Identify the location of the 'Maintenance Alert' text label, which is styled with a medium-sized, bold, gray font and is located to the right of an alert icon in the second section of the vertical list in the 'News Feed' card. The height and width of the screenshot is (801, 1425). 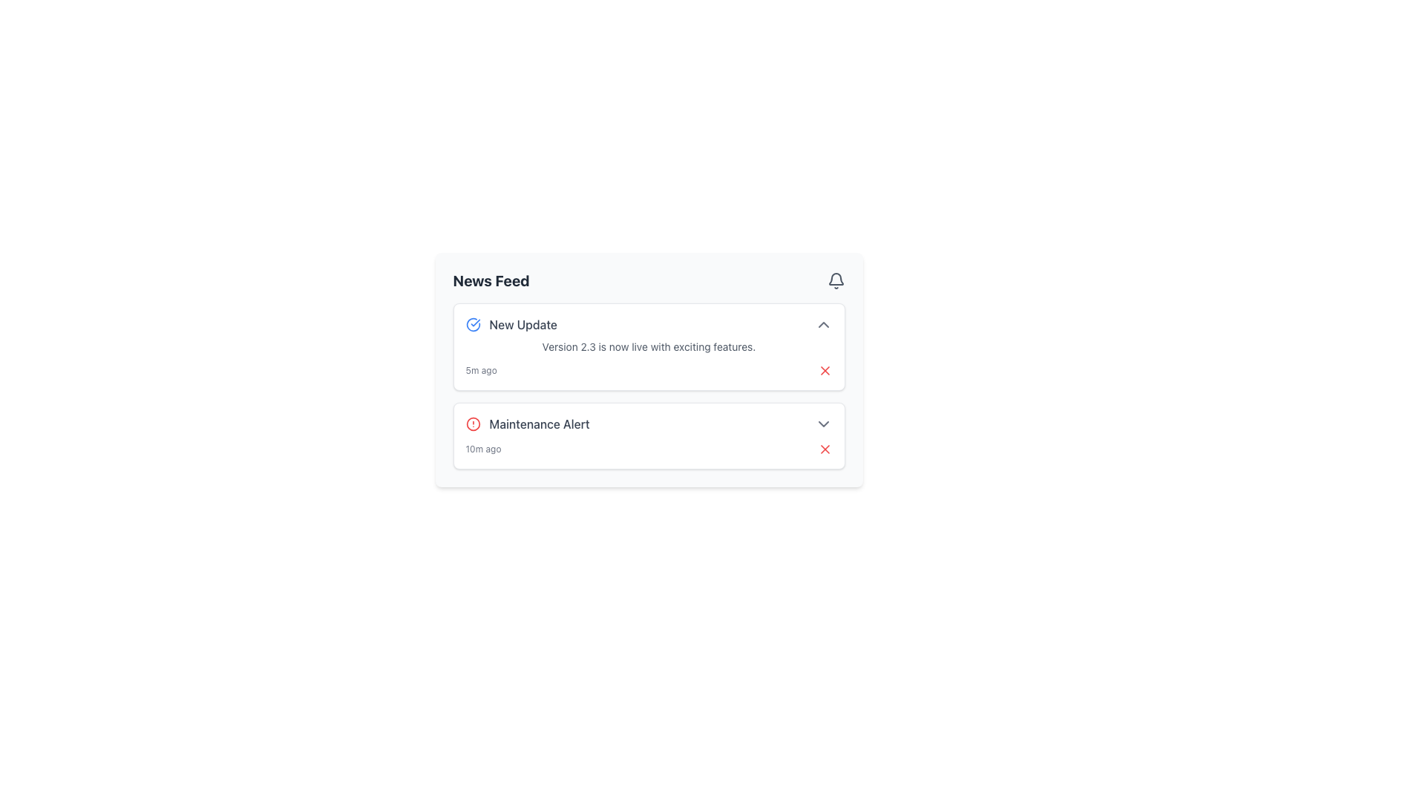
(539, 423).